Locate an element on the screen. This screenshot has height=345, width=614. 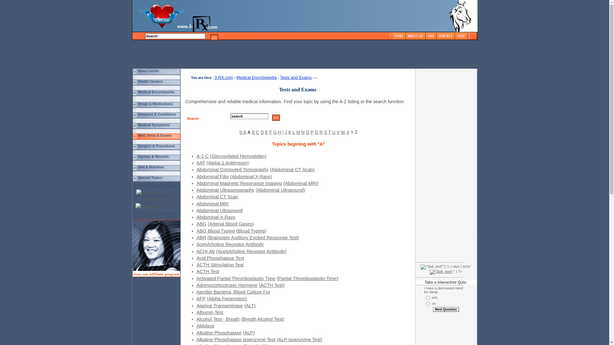
'Drugs & Medications' is located at coordinates (155, 103).